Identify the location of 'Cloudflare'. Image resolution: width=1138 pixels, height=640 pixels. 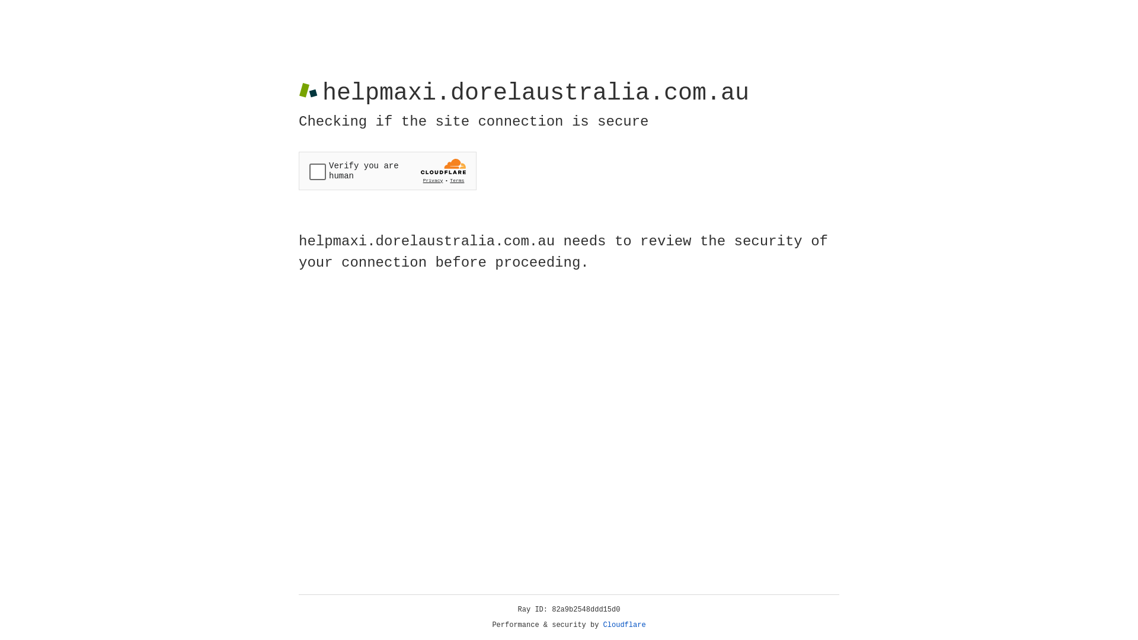
(624, 625).